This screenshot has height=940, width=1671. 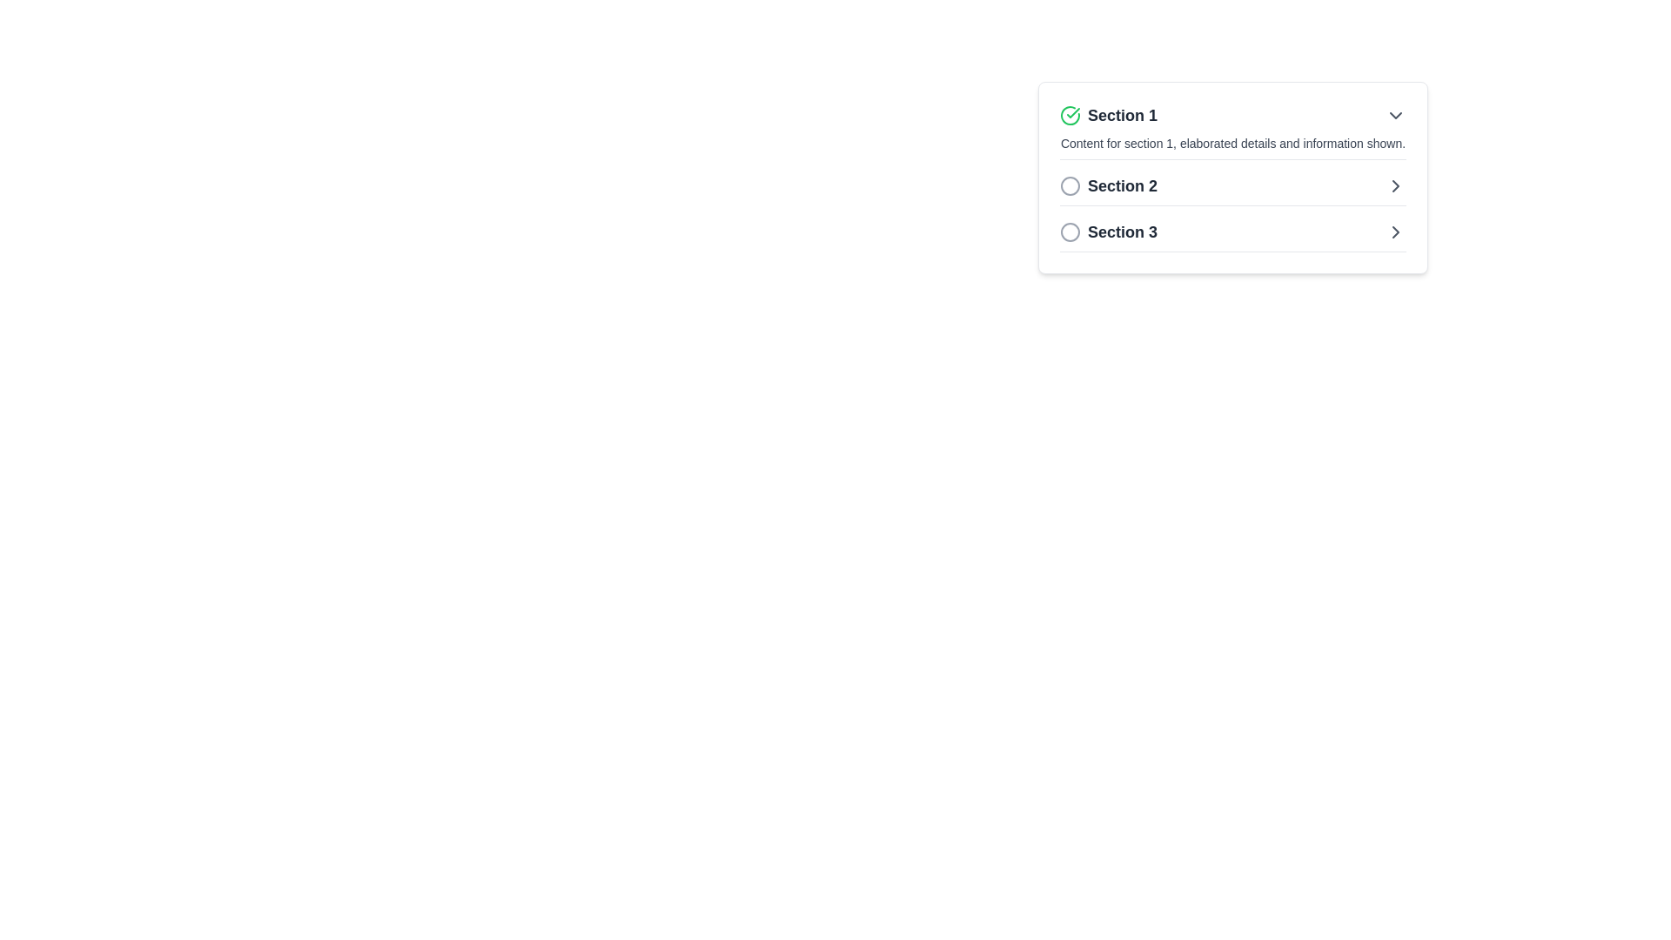 What do you see at coordinates (1069, 185) in the screenshot?
I see `the circular indicator button located at the top center of 'Section 2'` at bounding box center [1069, 185].